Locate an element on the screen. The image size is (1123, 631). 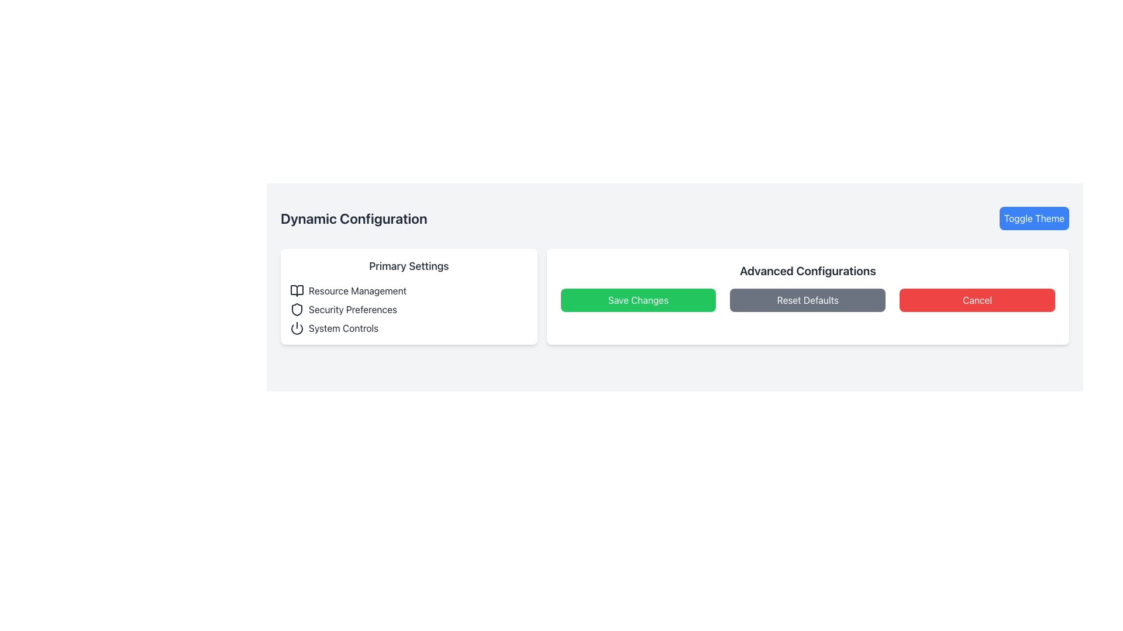
the book icon styled with an outline design, located left of the 'Resource Management' text in the 'Primary Settings' card is located at coordinates (297, 290).